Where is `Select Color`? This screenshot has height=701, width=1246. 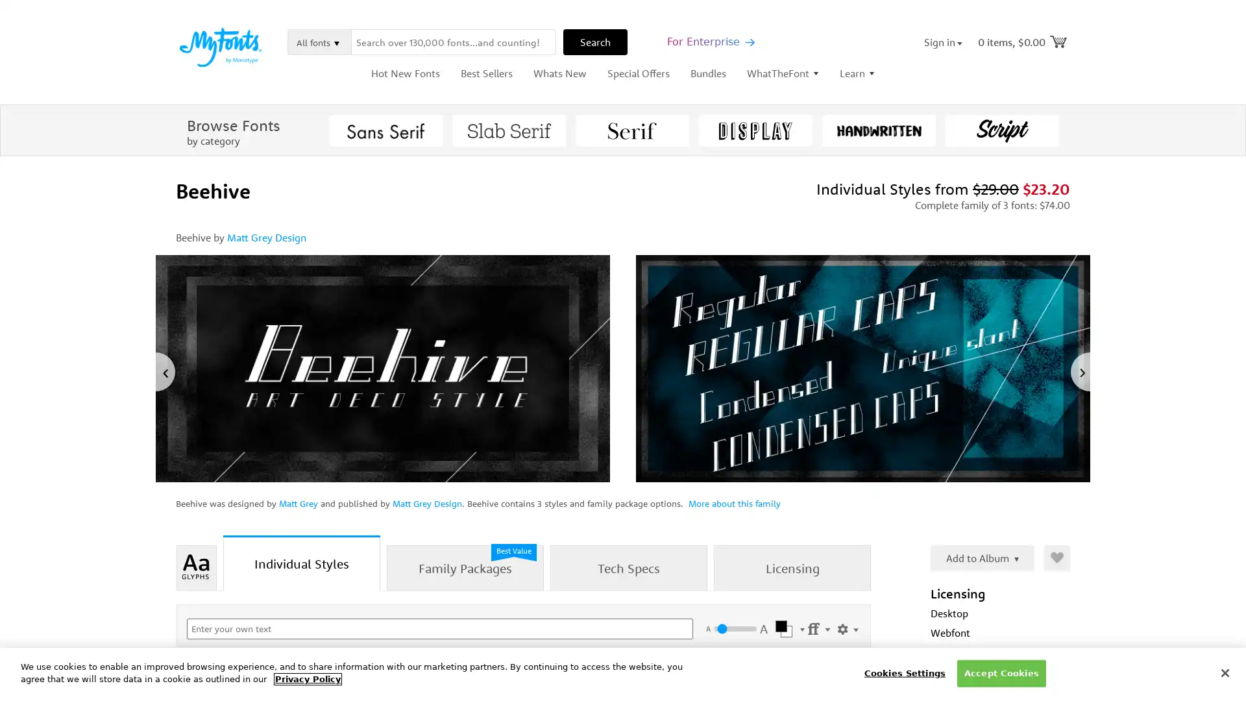
Select Color is located at coordinates (787, 628).